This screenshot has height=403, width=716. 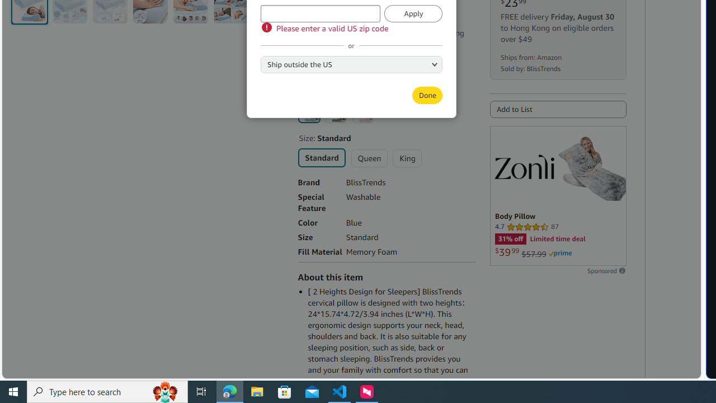 What do you see at coordinates (413, 13) in the screenshot?
I see `'Apply'` at bounding box center [413, 13].